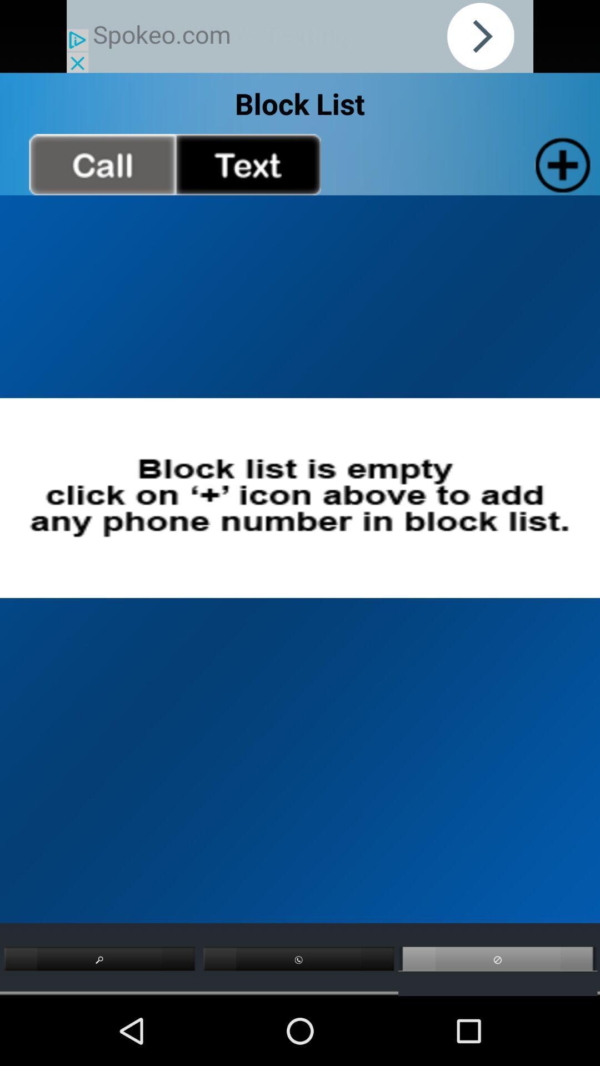  Describe the element at coordinates (247, 164) in the screenshot. I see `new text message` at that location.